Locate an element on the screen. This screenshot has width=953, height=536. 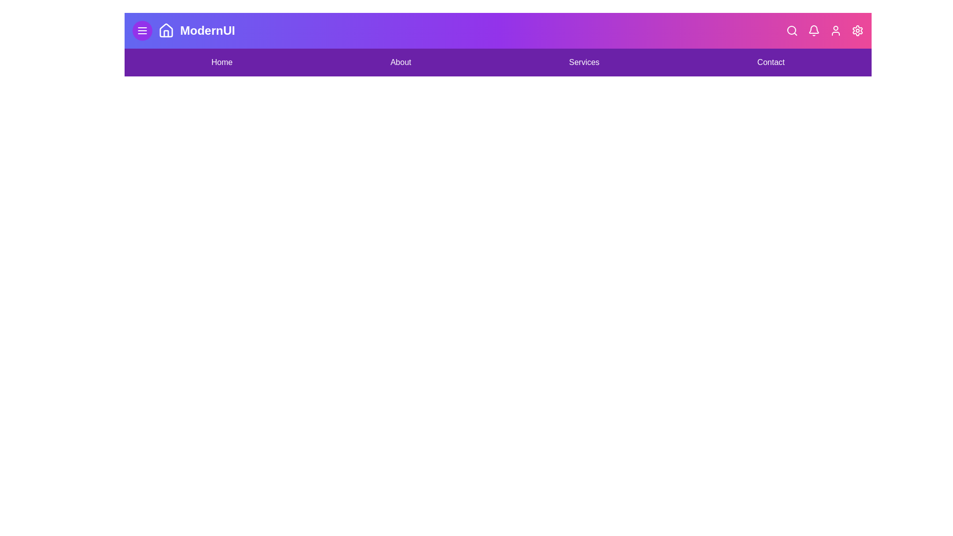
the navigation link labeled Services to navigate to the corresponding section is located at coordinates (584, 63).